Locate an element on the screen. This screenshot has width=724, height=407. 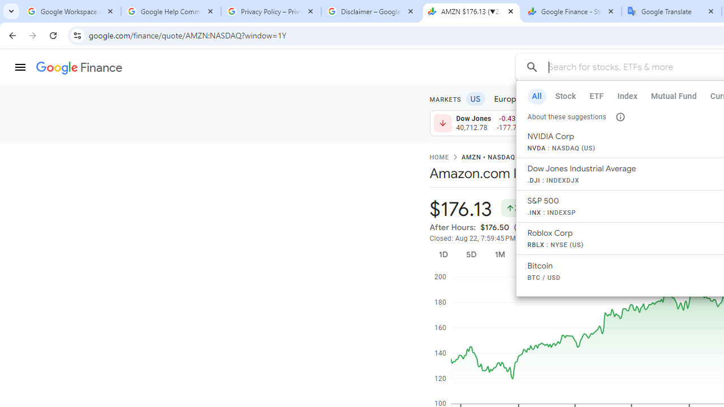
'Europe' is located at coordinates (507, 98).